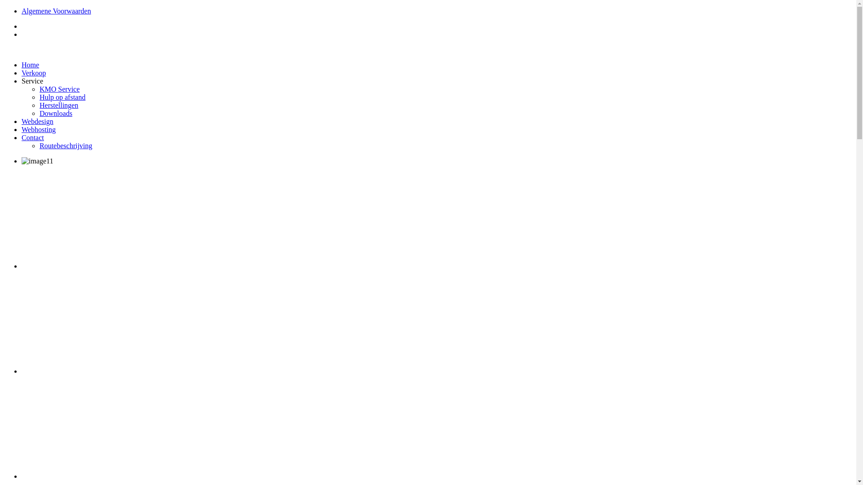 This screenshot has height=485, width=863. I want to click on 'Verkoop', so click(34, 72).